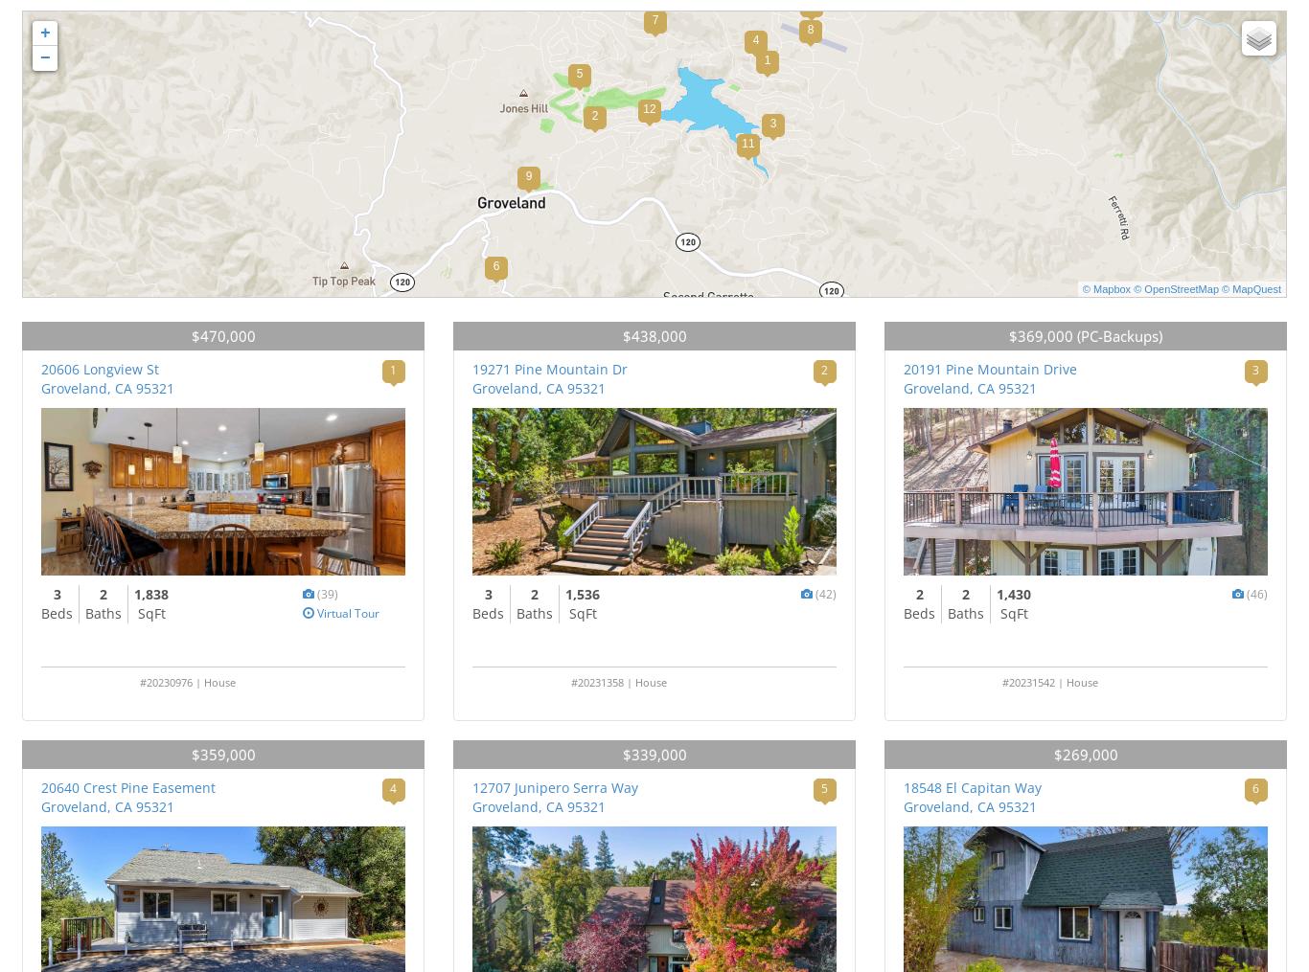 This screenshot has width=1309, height=972. I want to click on '#20231358 | House', so click(617, 682).